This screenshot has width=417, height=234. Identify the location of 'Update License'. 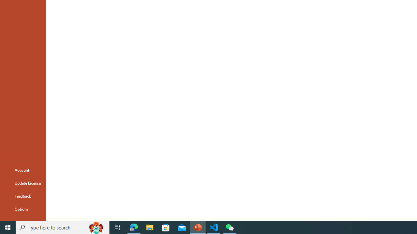
(23, 183).